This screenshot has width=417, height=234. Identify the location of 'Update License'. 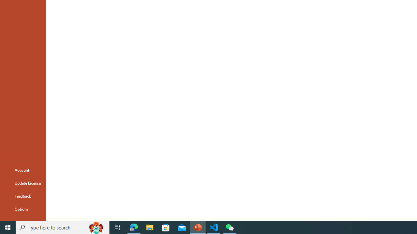
(23, 183).